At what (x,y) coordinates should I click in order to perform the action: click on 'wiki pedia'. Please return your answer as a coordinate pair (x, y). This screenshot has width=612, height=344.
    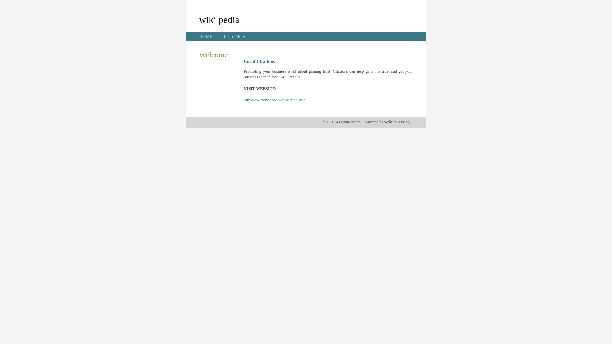
    Looking at the image, I should click on (219, 19).